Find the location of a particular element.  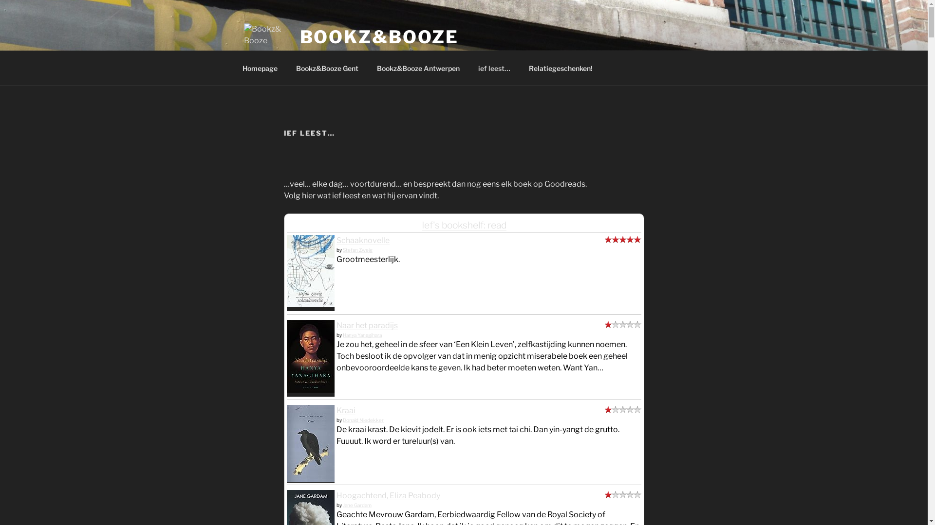

'Kraai' is located at coordinates (345, 410).